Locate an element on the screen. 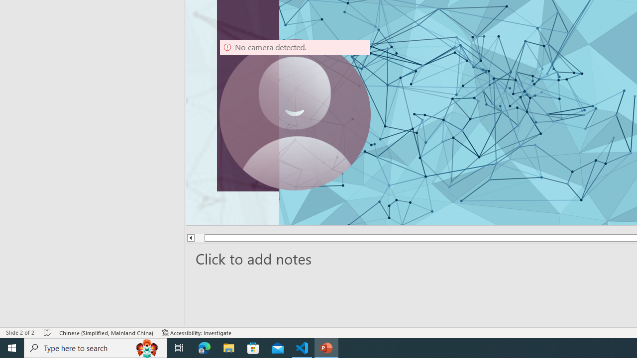 The width and height of the screenshot is (637, 358). 'Camera 9, No camera detected.' is located at coordinates (295, 114).